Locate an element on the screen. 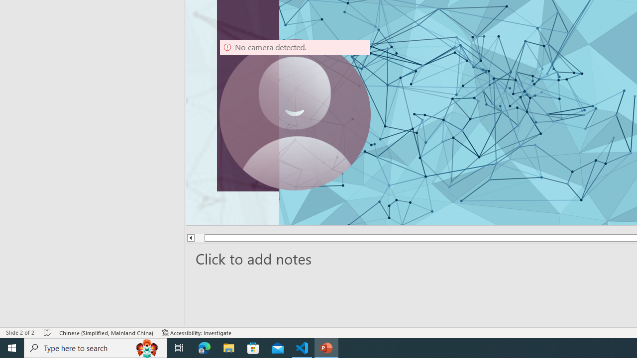 The width and height of the screenshot is (637, 358). 'Camera 9, No camera detected.' is located at coordinates (295, 114).